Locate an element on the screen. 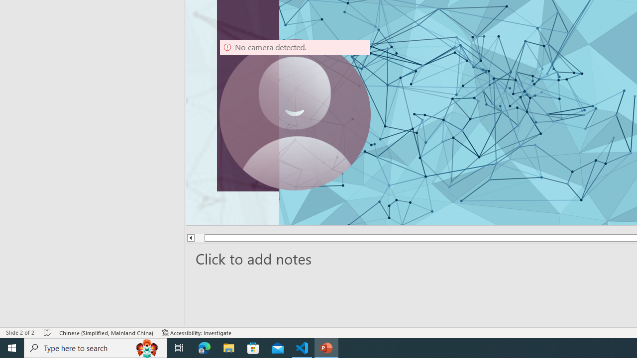 The width and height of the screenshot is (637, 358). 'Camera 9, No camera detected.' is located at coordinates (295, 114).